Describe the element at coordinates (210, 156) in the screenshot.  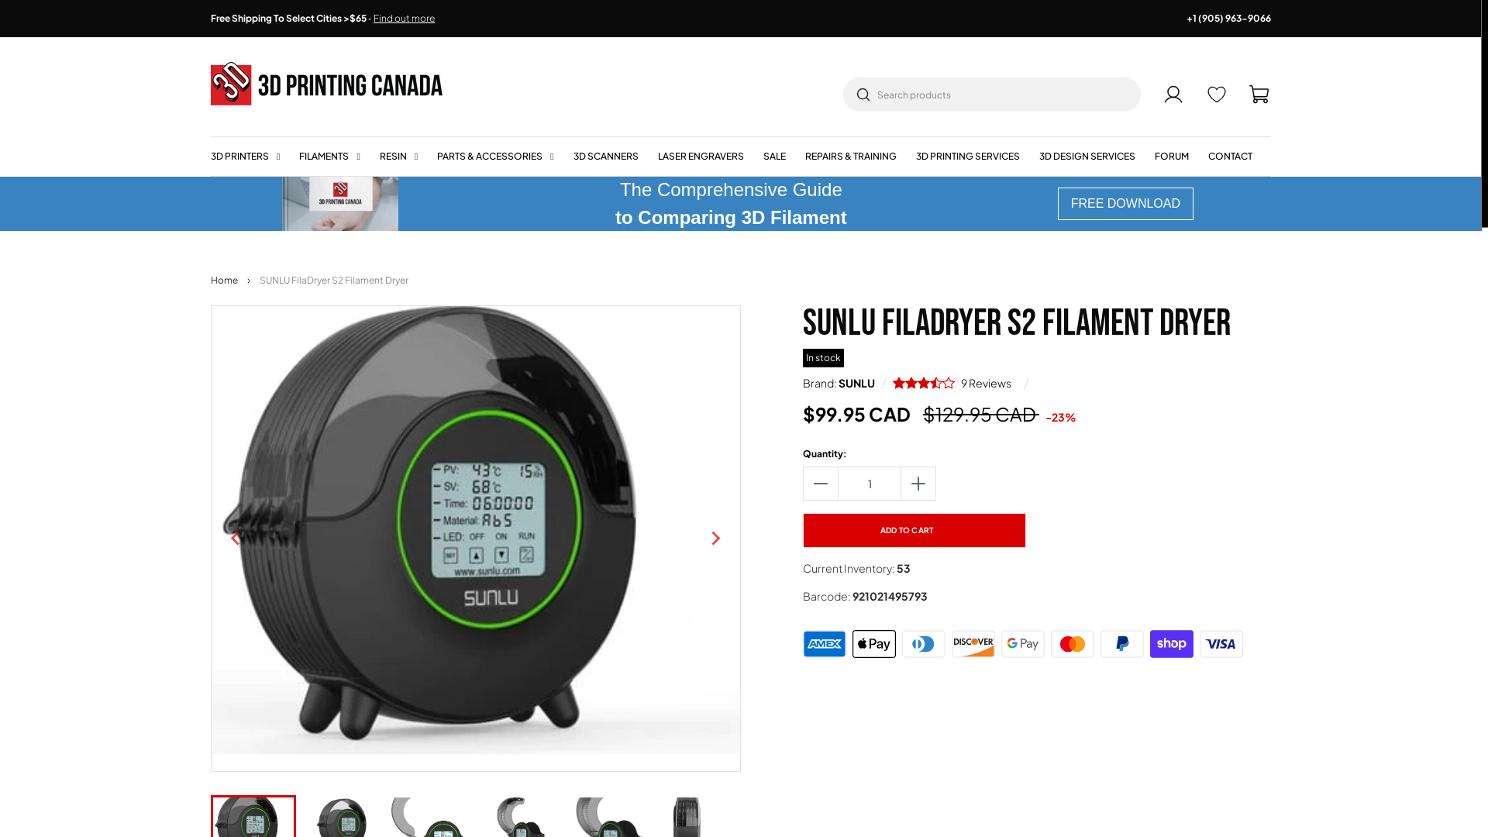
I see `'3D PRINTERS'` at that location.